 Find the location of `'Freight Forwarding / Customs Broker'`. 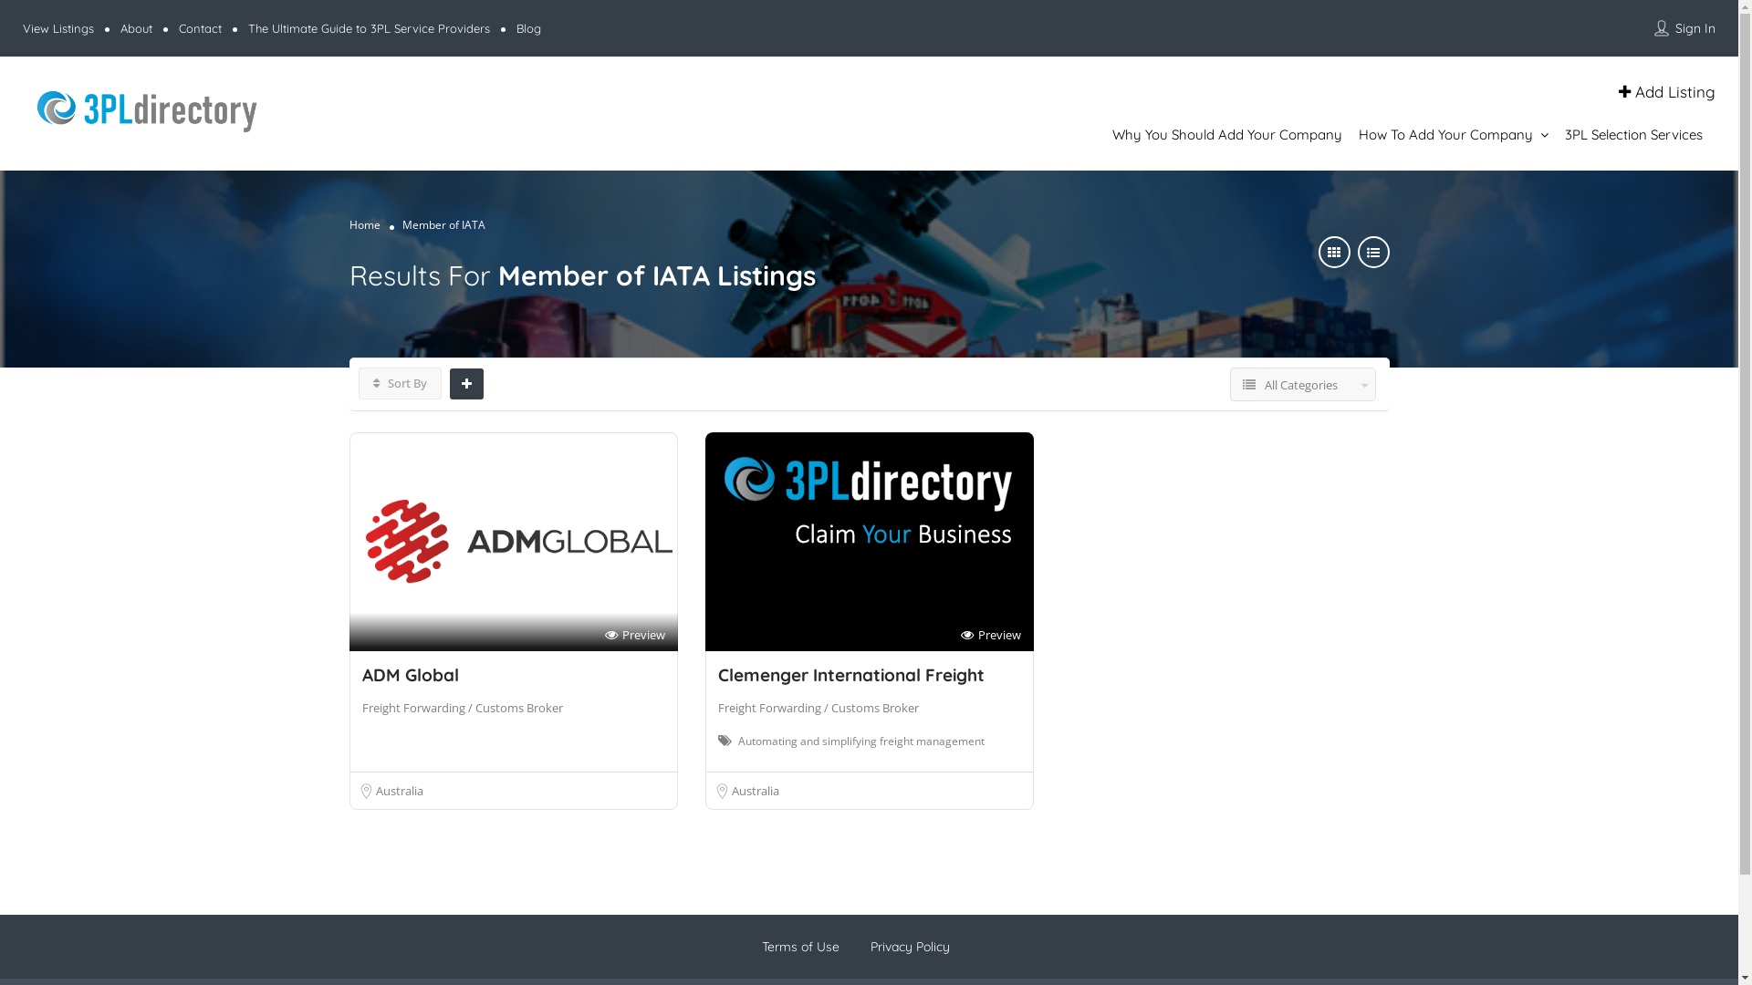

'Freight Forwarding / Customs Broker' is located at coordinates (360, 706).